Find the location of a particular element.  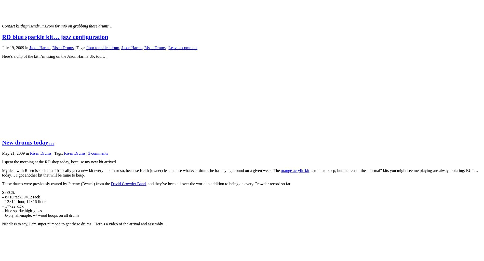

'RD blue sparkle kit… jazz configuration' is located at coordinates (2, 37).